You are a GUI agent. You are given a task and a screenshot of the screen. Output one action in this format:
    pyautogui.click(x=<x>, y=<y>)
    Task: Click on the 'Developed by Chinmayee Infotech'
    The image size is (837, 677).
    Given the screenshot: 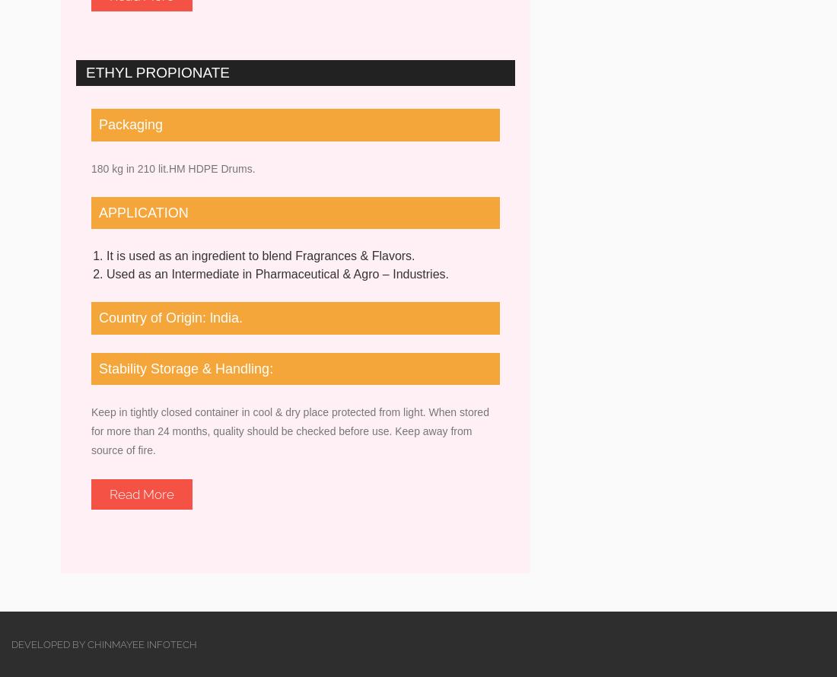 What is the action you would take?
    pyautogui.click(x=103, y=643)
    